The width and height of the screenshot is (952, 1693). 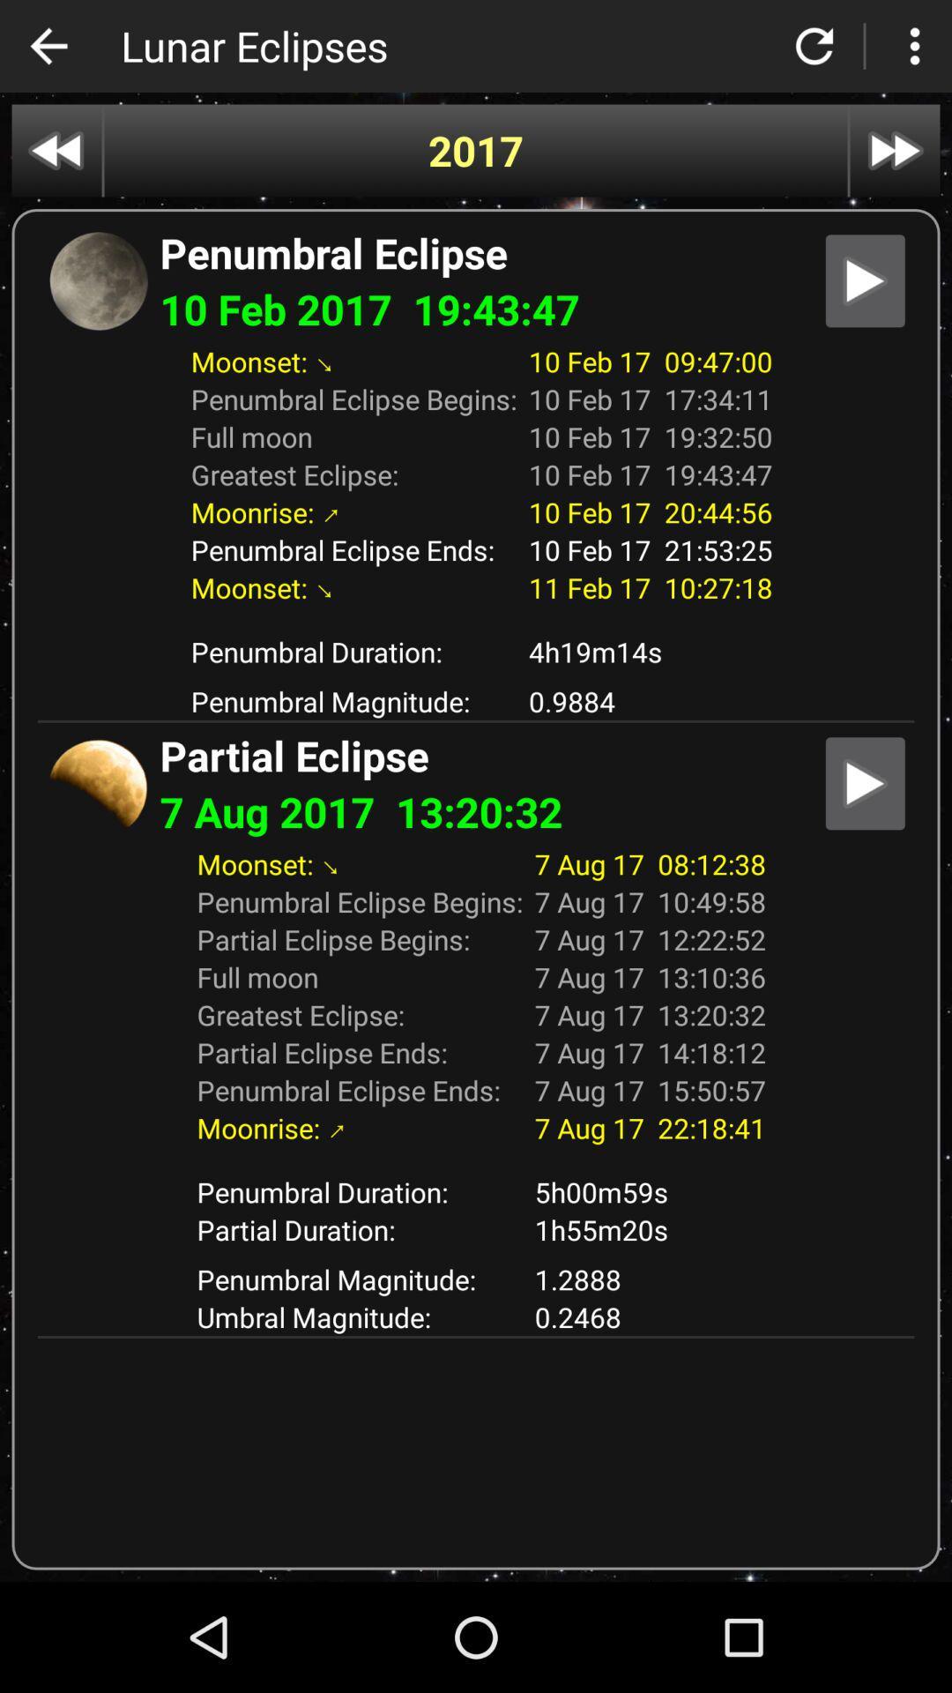 I want to click on previous, so click(x=56, y=151).